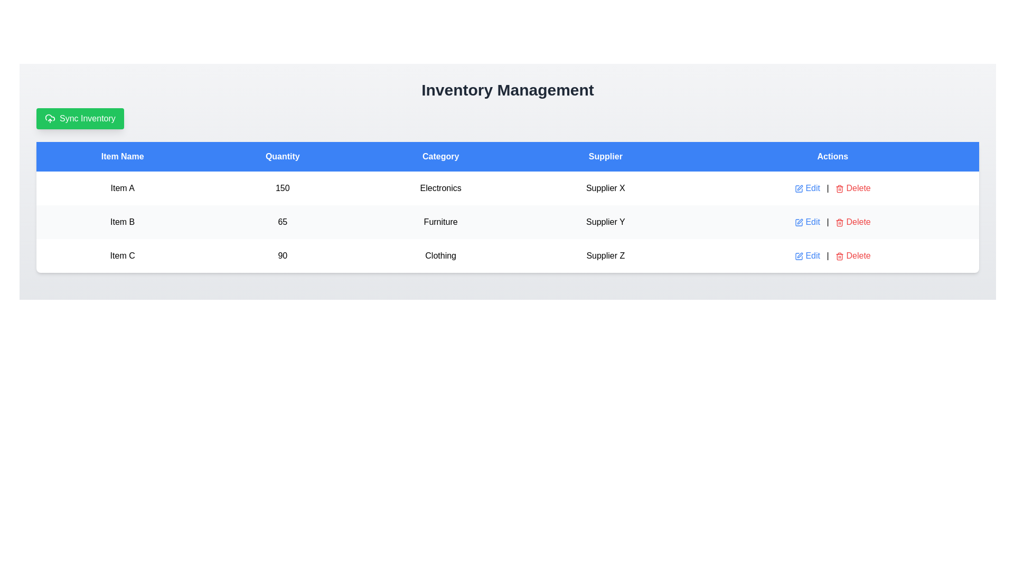 Image resolution: width=1014 pixels, height=570 pixels. I want to click on the red trash bin icon in the 'Actions' column of the second row to initiate the delete action dialog, so click(839, 221).